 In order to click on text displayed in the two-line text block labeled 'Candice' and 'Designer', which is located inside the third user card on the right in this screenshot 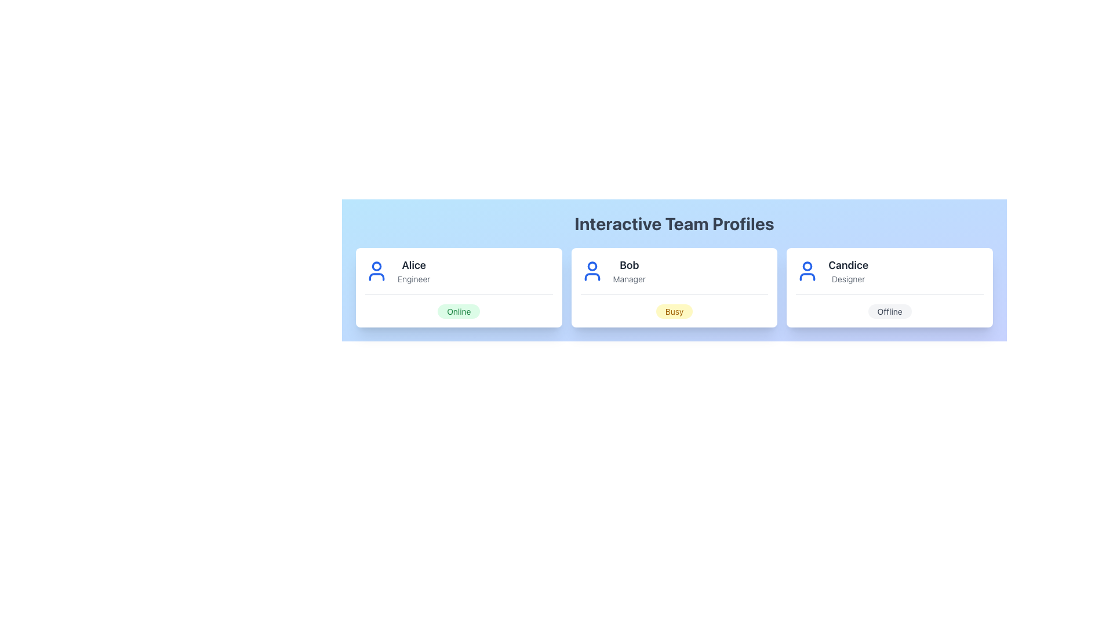, I will do `click(848, 271)`.